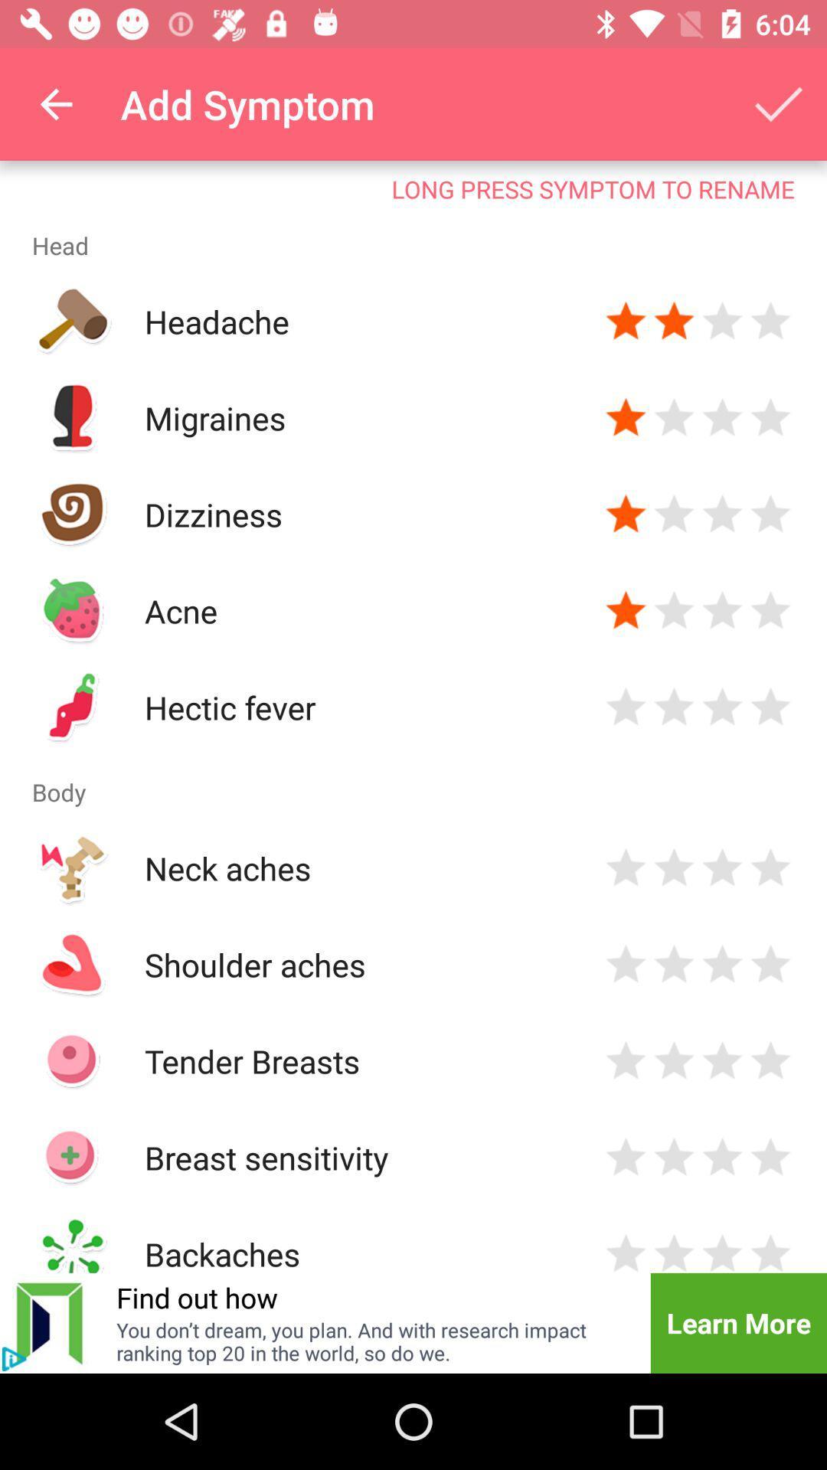  Describe the element at coordinates (673, 707) in the screenshot. I see `rate two stars` at that location.